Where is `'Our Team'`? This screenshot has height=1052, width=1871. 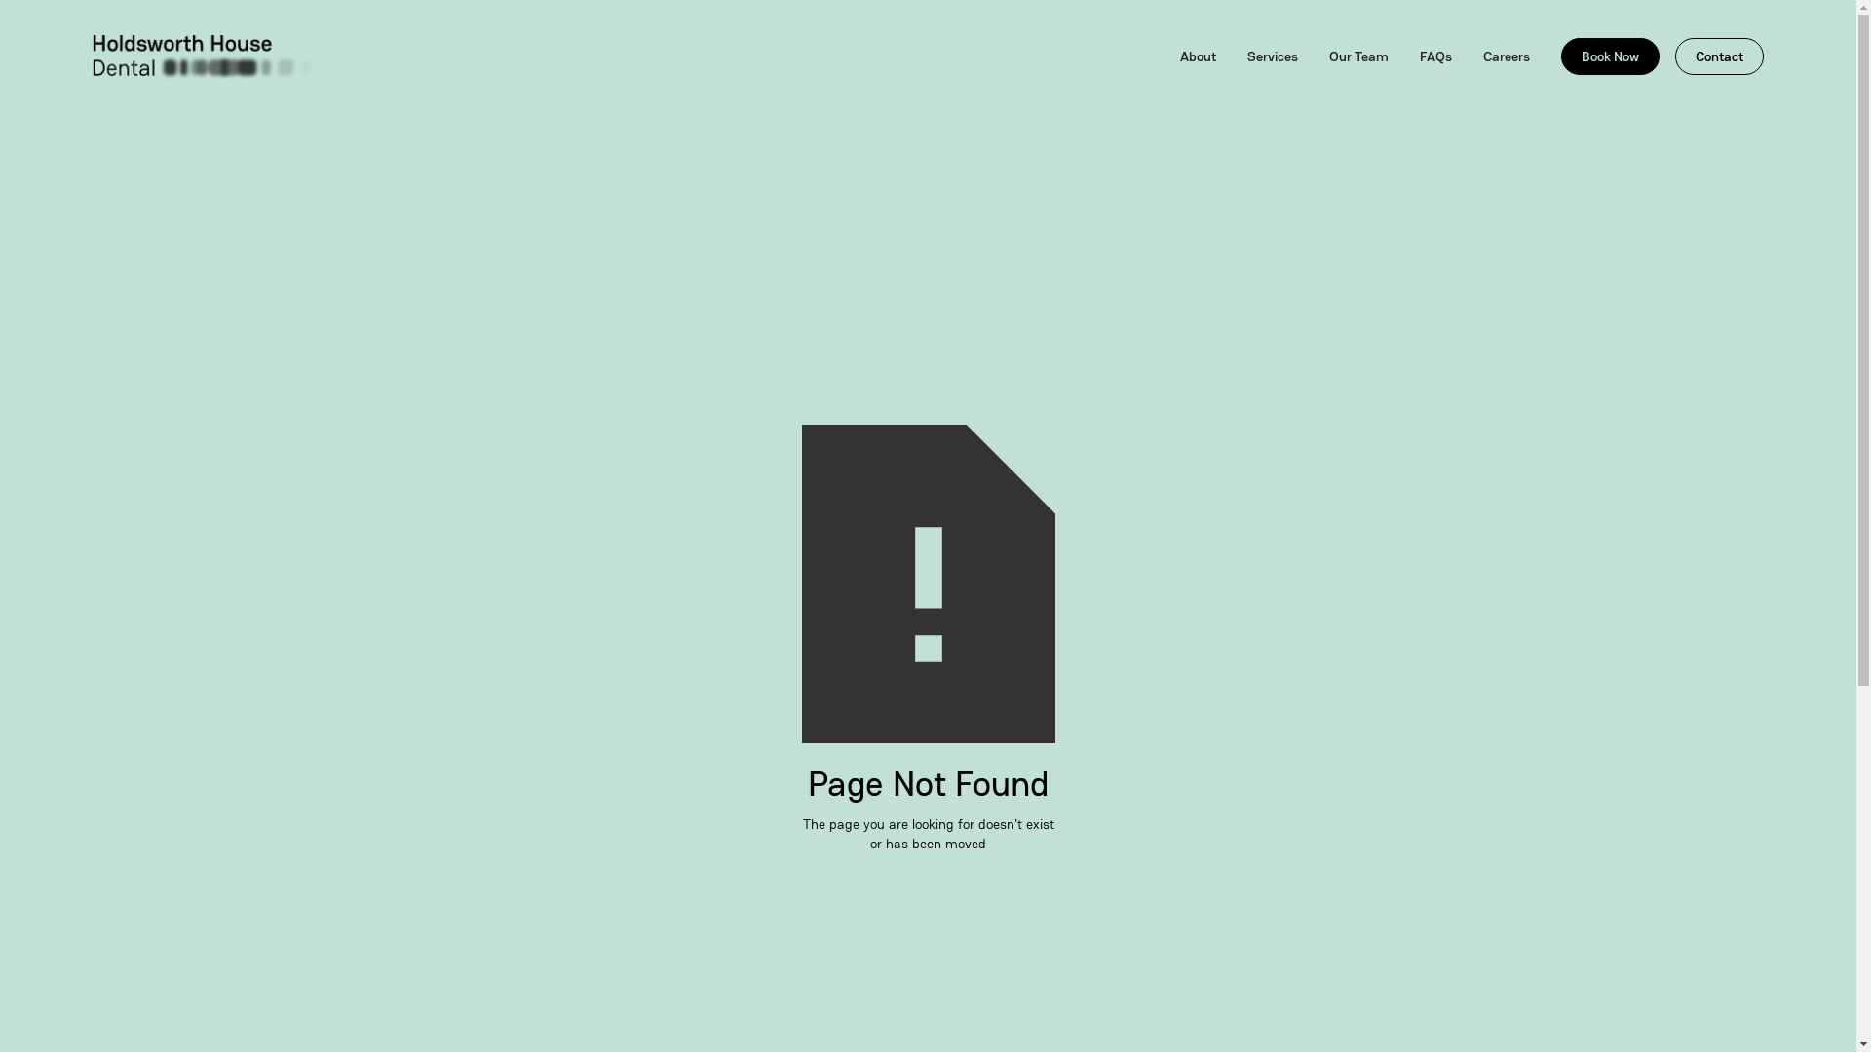 'Our Team' is located at coordinates (1357, 55).